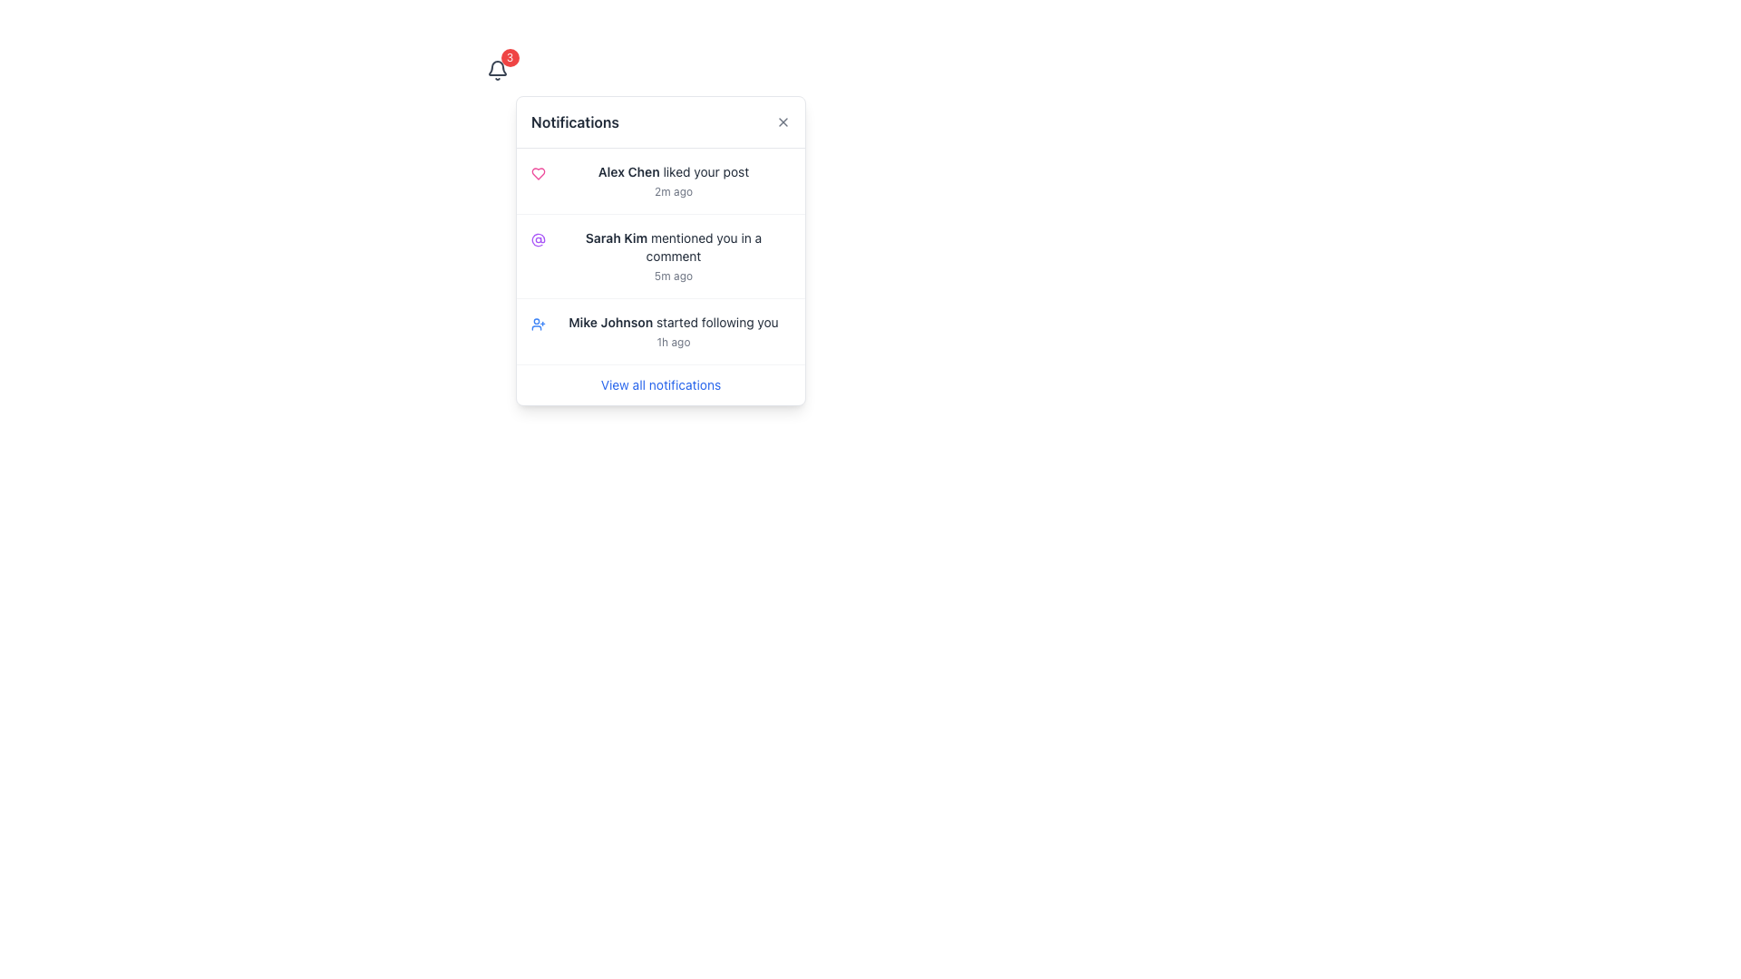  Describe the element at coordinates (673, 181) in the screenshot. I see `the first notification entry indicating that 'Alex Chen liked your post' in the notification panel` at that location.